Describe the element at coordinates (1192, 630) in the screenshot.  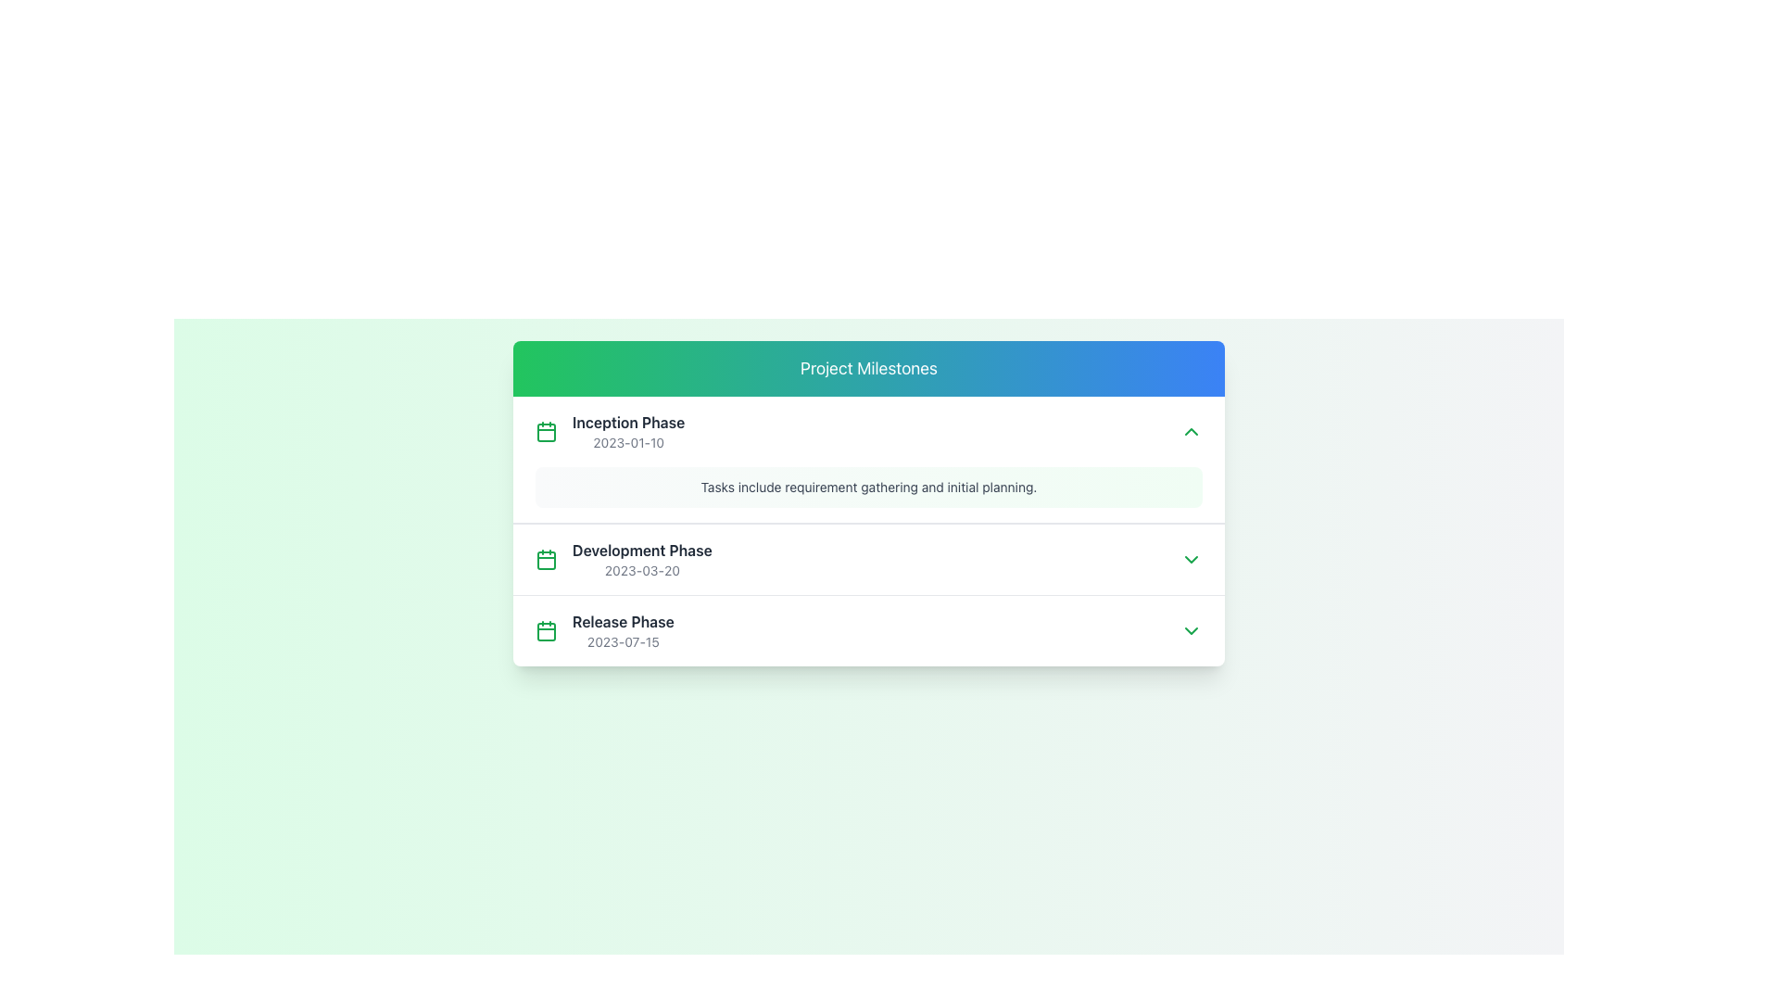
I see `the chevron icon at the bottom right corner of the 'Release Phase' section` at that location.